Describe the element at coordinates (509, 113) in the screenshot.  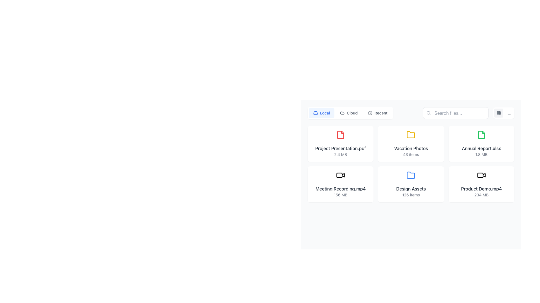
I see `the list view icon located at the top-right corner of the user interface` at that location.